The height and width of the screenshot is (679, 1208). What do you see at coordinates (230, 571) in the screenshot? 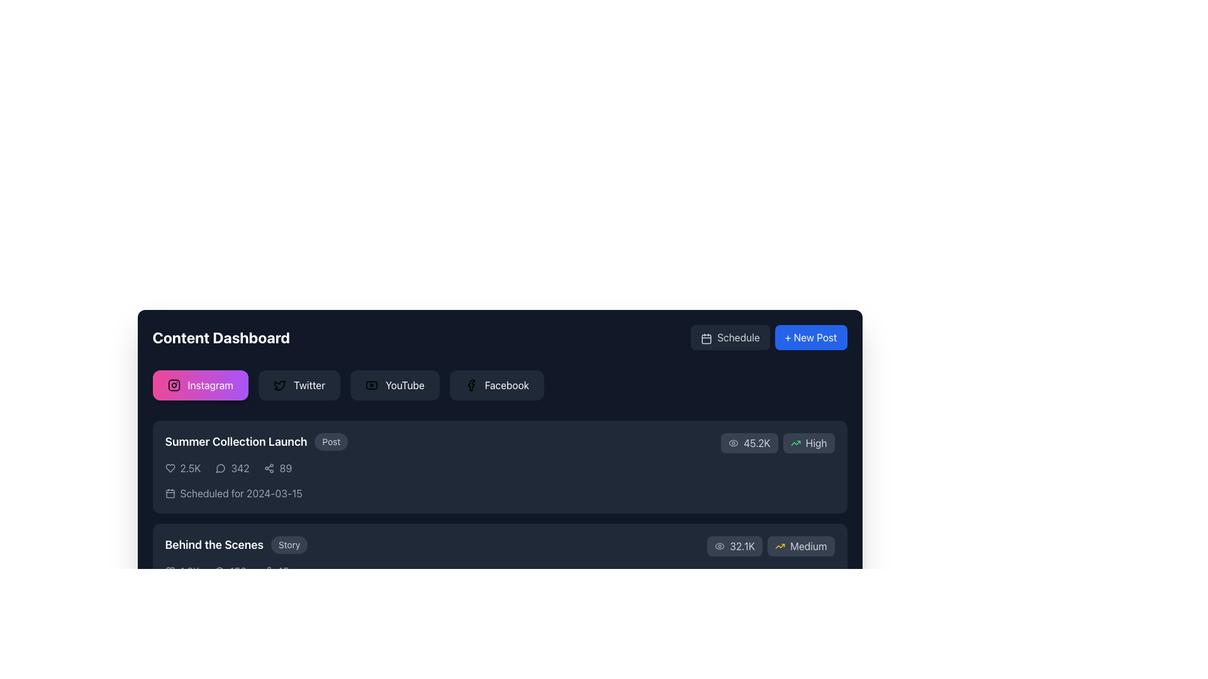
I see `the text label displaying the number '156' in gray color, which is located beneath the 'Behind the Scenes' heading and is the second element in a horizontal list` at bounding box center [230, 571].